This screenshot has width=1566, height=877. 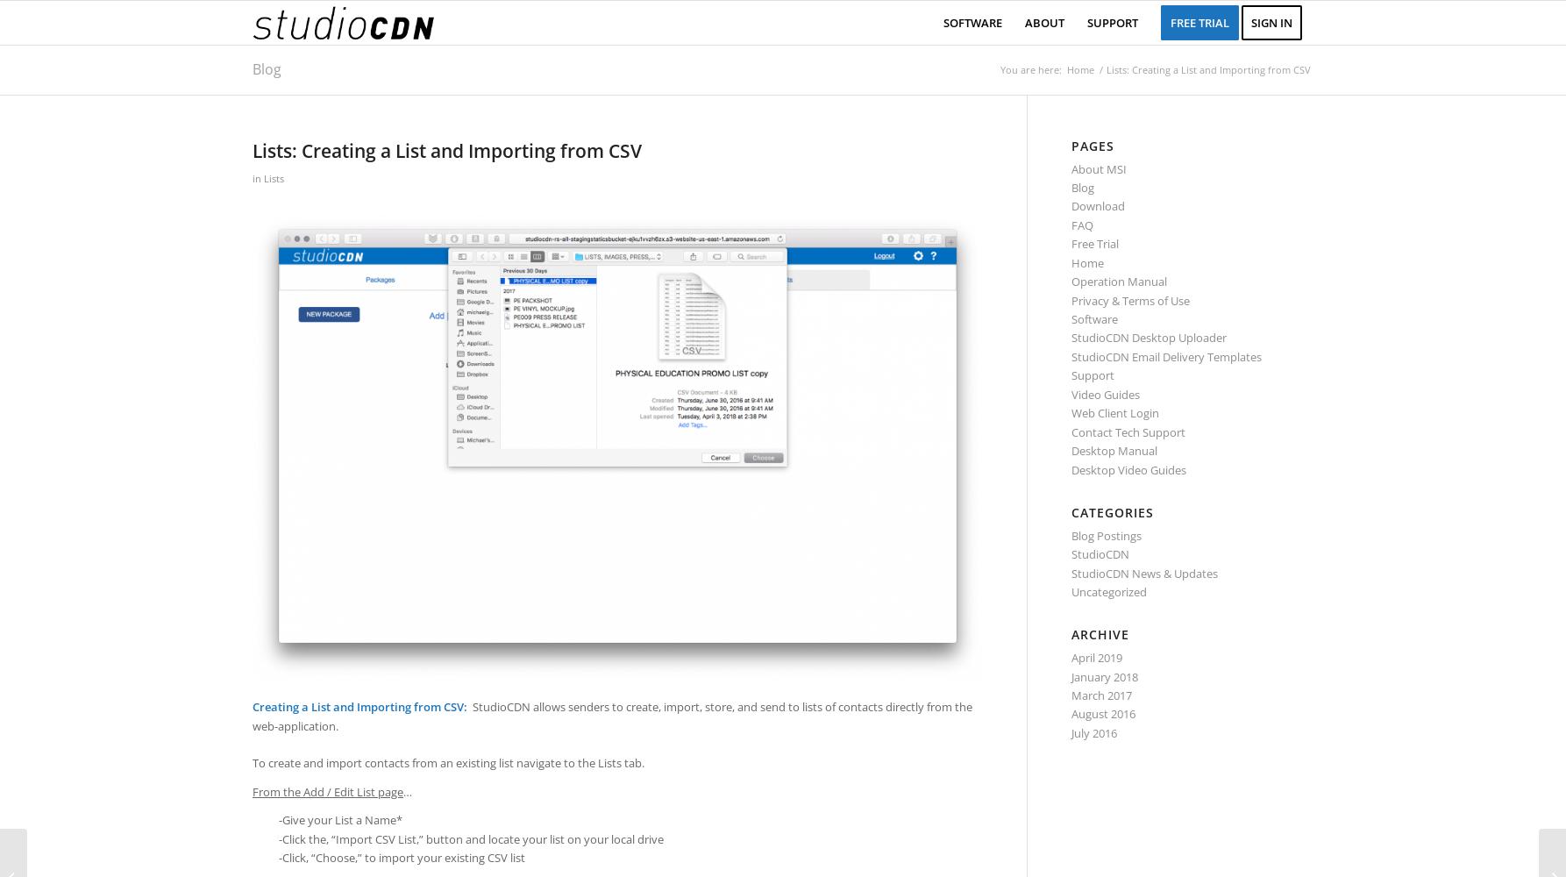 What do you see at coordinates (361, 707) in the screenshot?
I see `'Creating a List and Importing from CSV:'` at bounding box center [361, 707].